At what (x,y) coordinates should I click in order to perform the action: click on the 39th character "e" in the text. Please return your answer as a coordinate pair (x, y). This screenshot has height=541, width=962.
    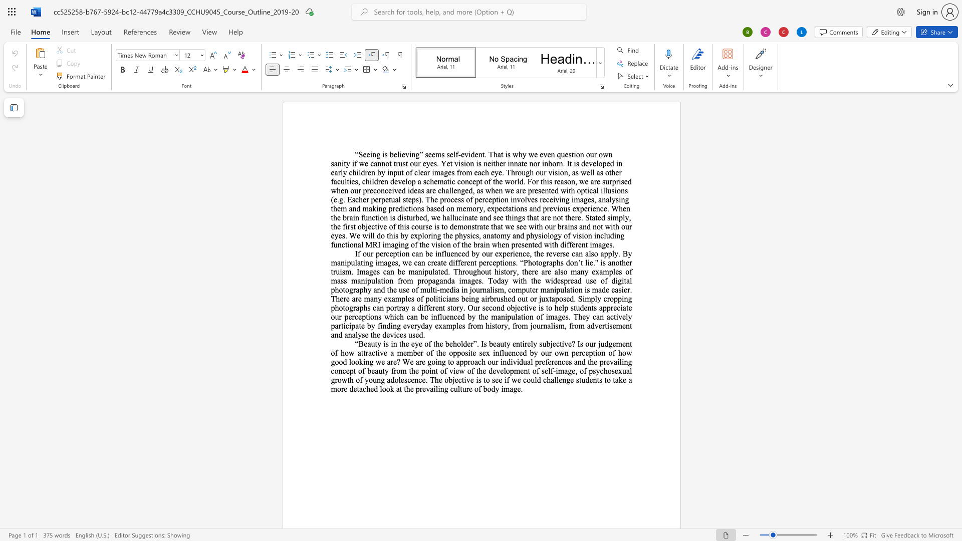
    Looking at the image, I should click on (501, 181).